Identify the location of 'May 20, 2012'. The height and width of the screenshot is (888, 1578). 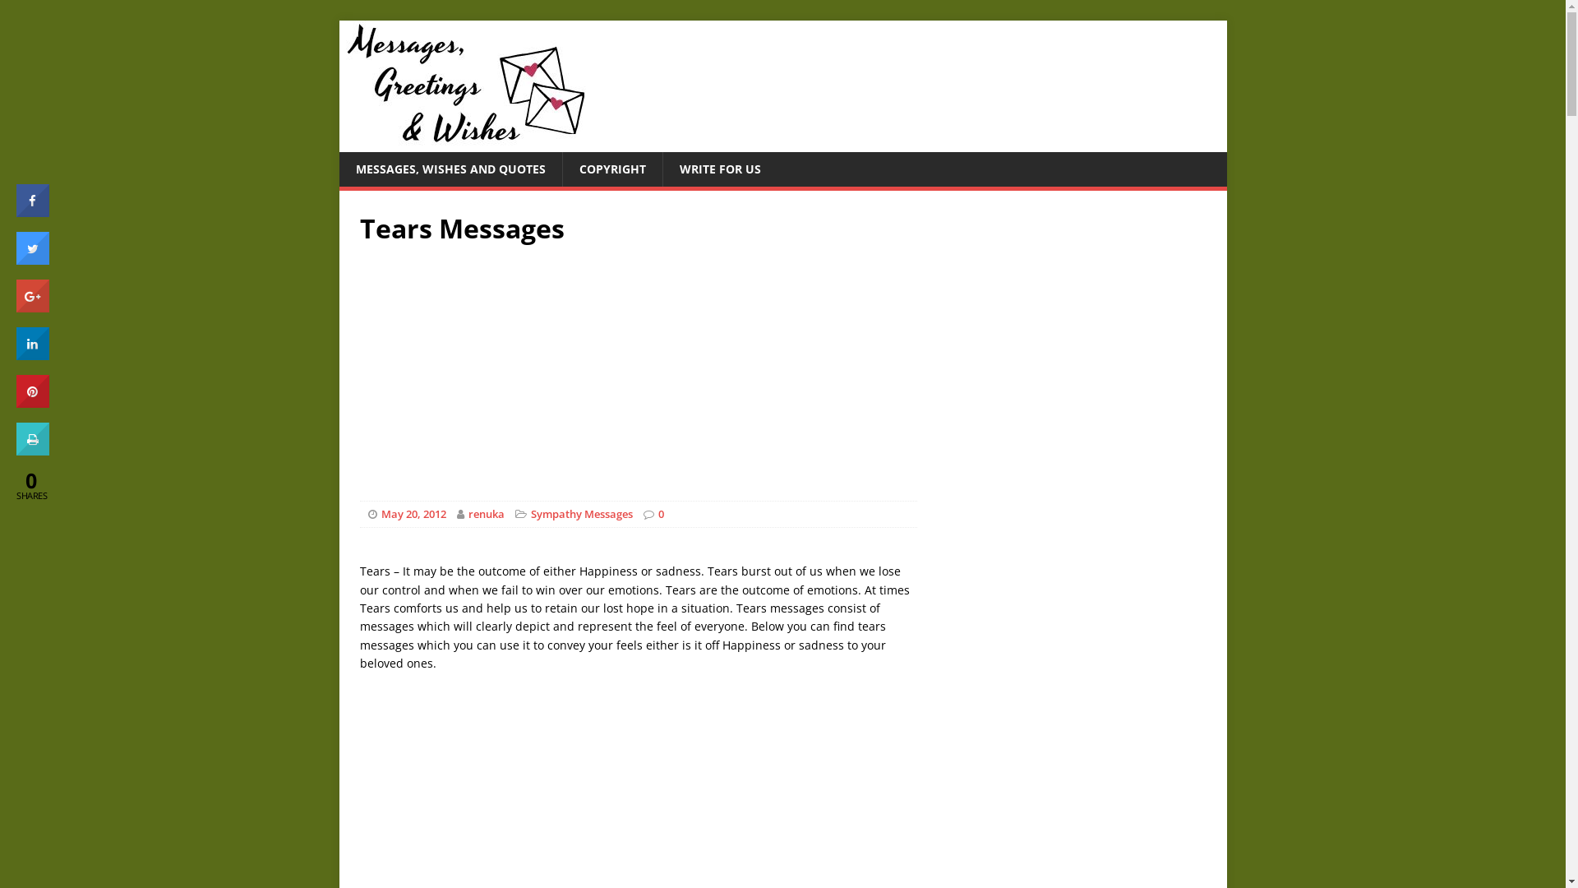
(413, 512).